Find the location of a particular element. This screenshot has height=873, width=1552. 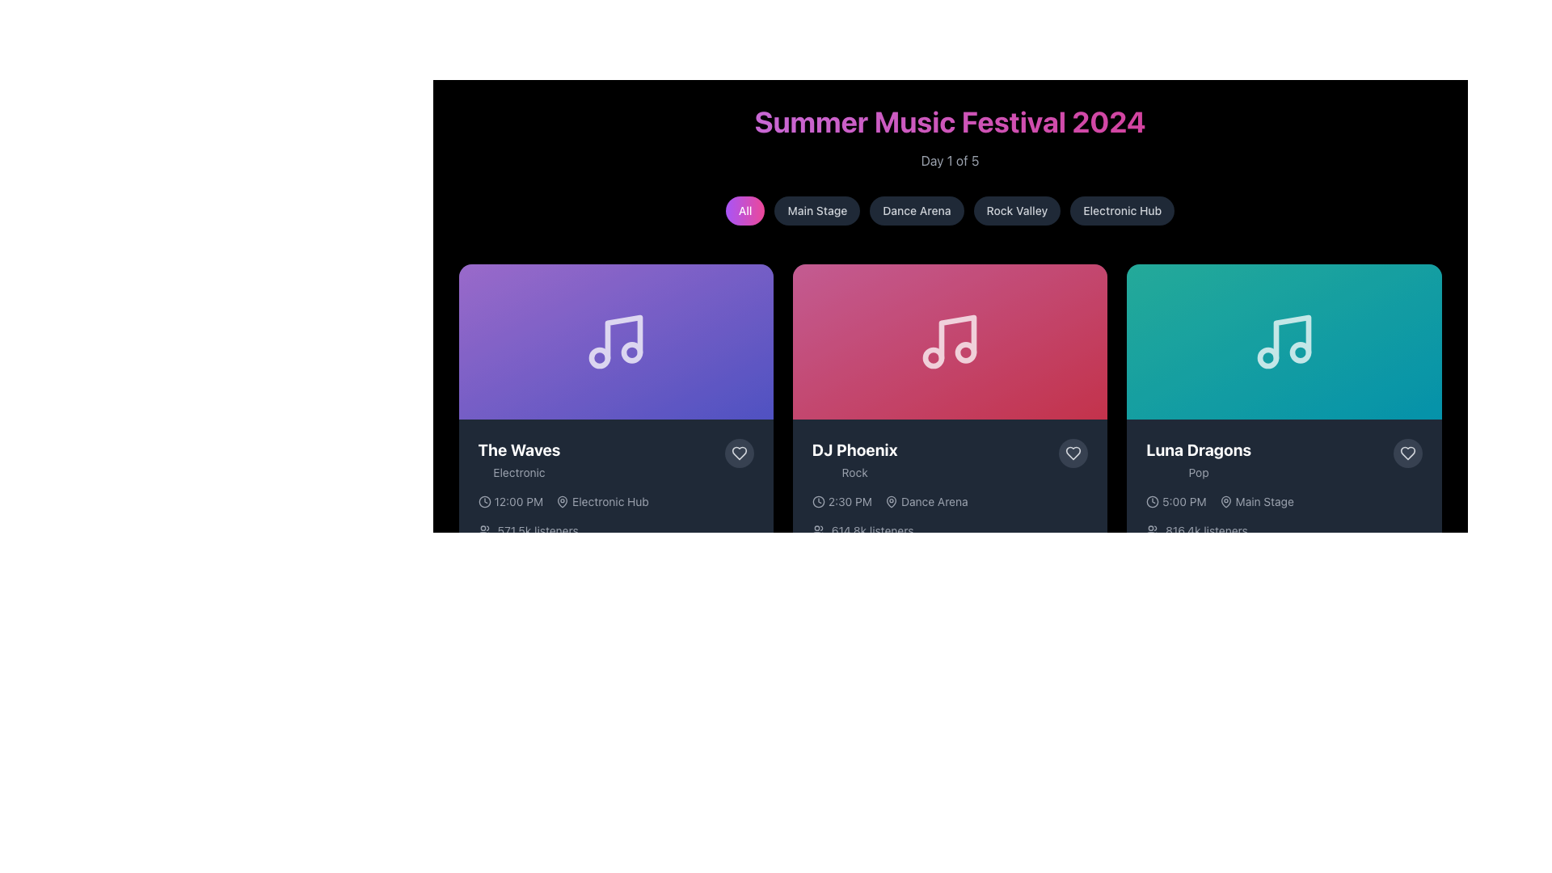

text label that displays 'DJ Phoenix' and its subtitle 'Rock' located in the second card of the horizontally aligned grid is located at coordinates (854, 460).